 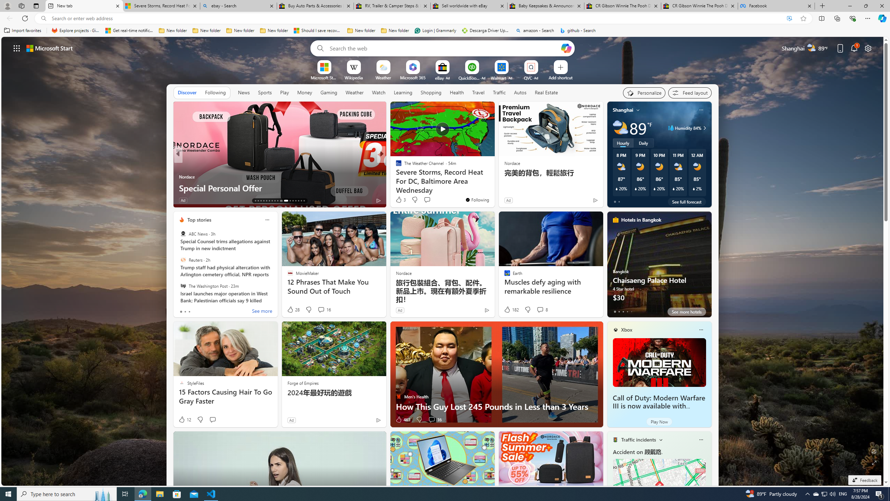 I want to click on 'ABC News', so click(x=183, y=233).